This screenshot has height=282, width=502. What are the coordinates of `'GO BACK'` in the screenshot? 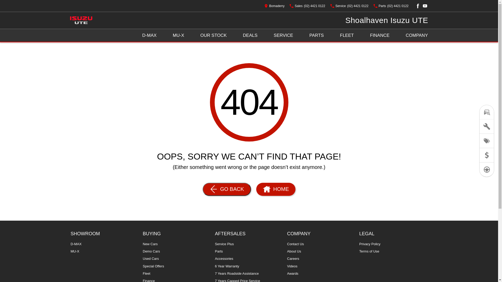 It's located at (227, 189).